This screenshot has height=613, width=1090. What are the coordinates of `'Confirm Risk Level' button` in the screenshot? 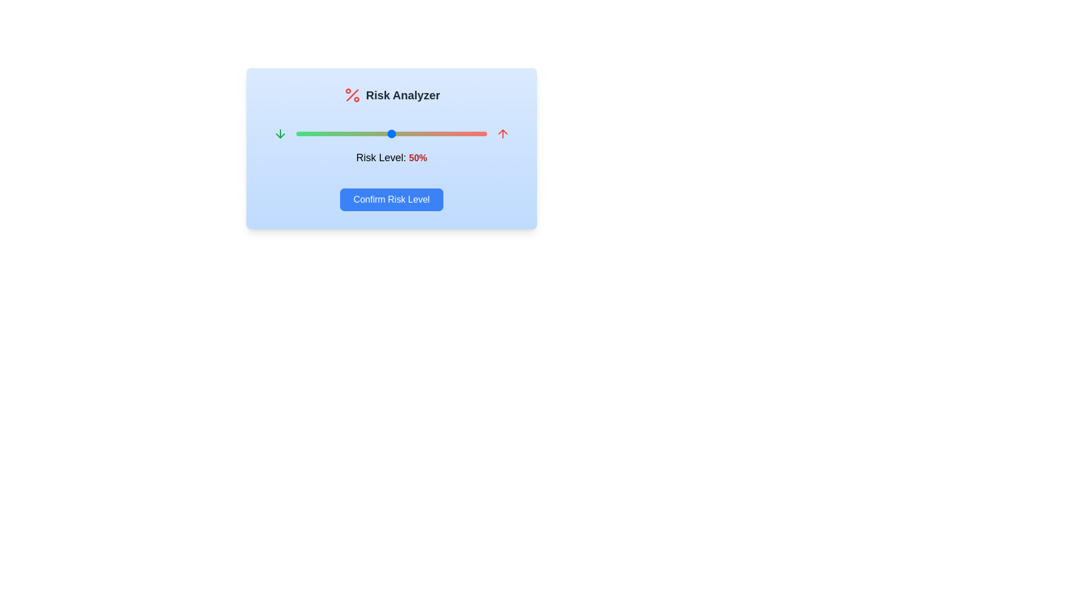 It's located at (392, 199).